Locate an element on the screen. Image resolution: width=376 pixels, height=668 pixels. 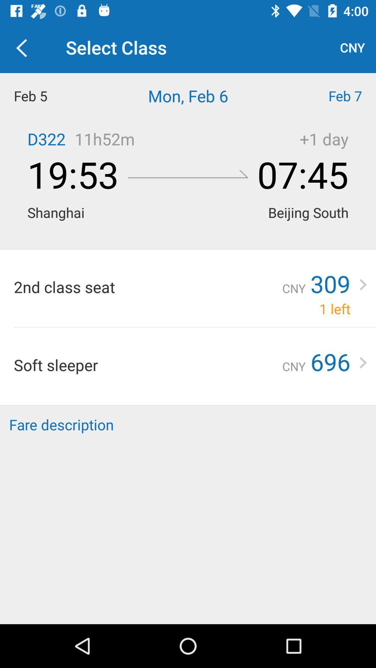
309 icon is located at coordinates (330, 284).